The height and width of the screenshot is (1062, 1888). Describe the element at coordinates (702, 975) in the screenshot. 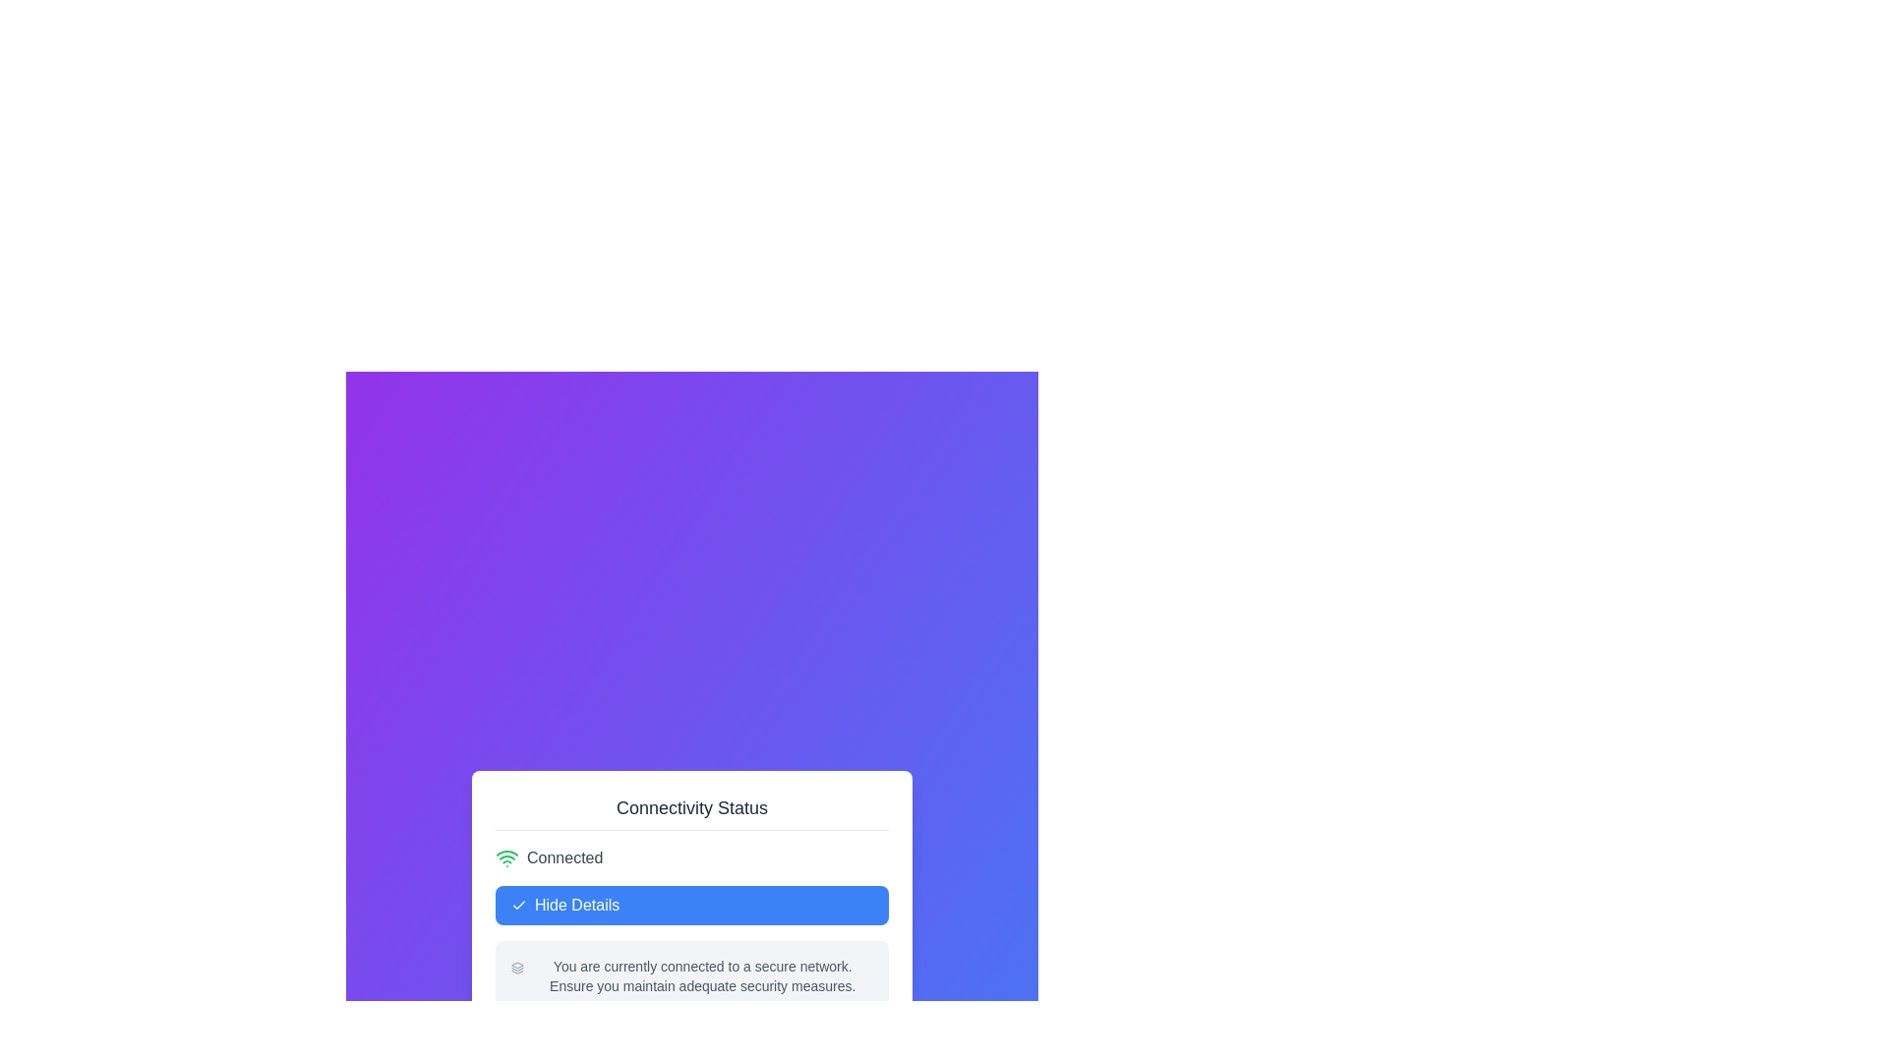

I see `the informational text displaying the message: 'You are currently connected to a secure network. Ensure you maintain adequate security measures.' located within the 'Connectivity Status' section` at that location.